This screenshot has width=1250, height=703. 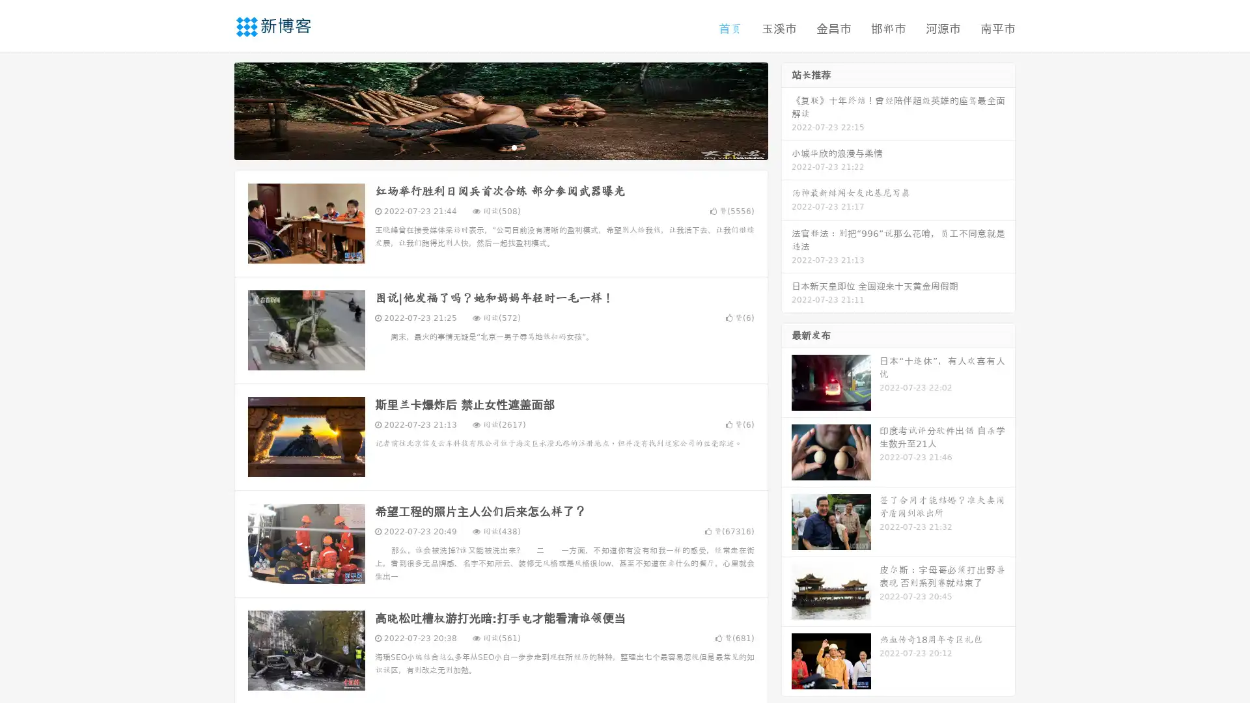 I want to click on Previous slide, so click(x=215, y=109).